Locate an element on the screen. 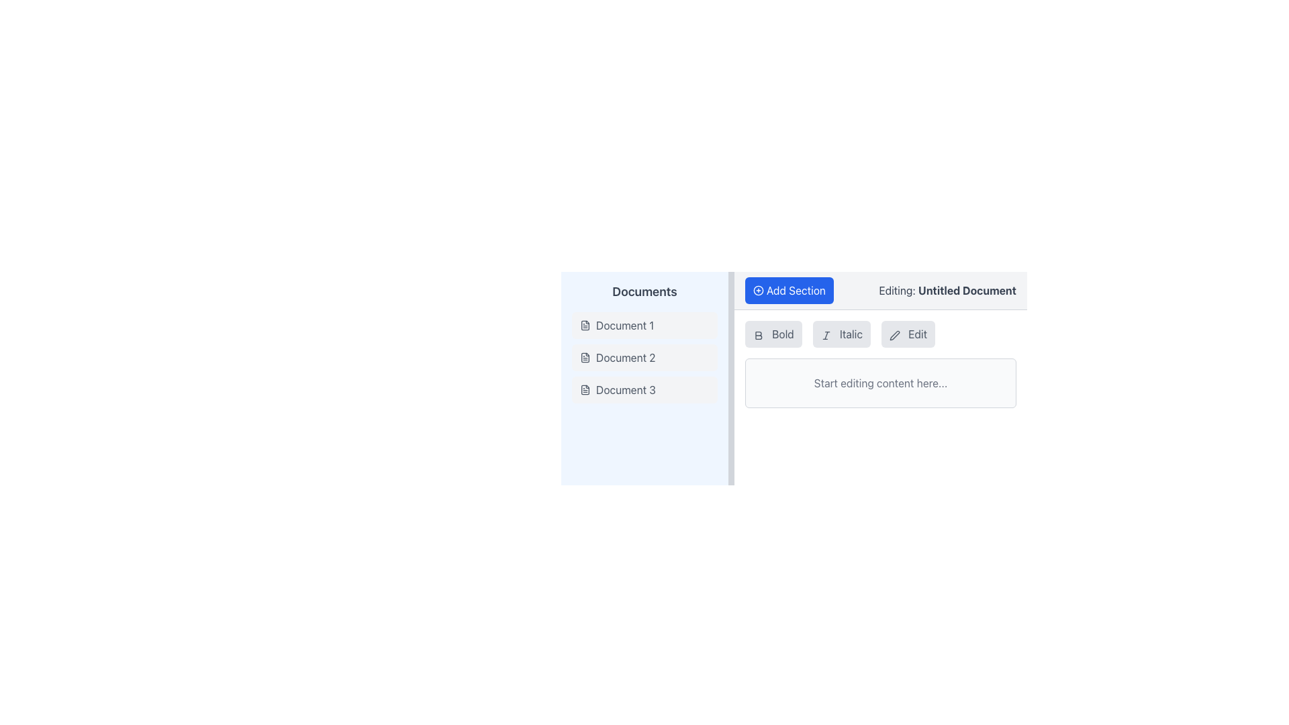  the document icon representing 'Document 2' located in the 'Documents' section of the left panel is located at coordinates (585, 356).